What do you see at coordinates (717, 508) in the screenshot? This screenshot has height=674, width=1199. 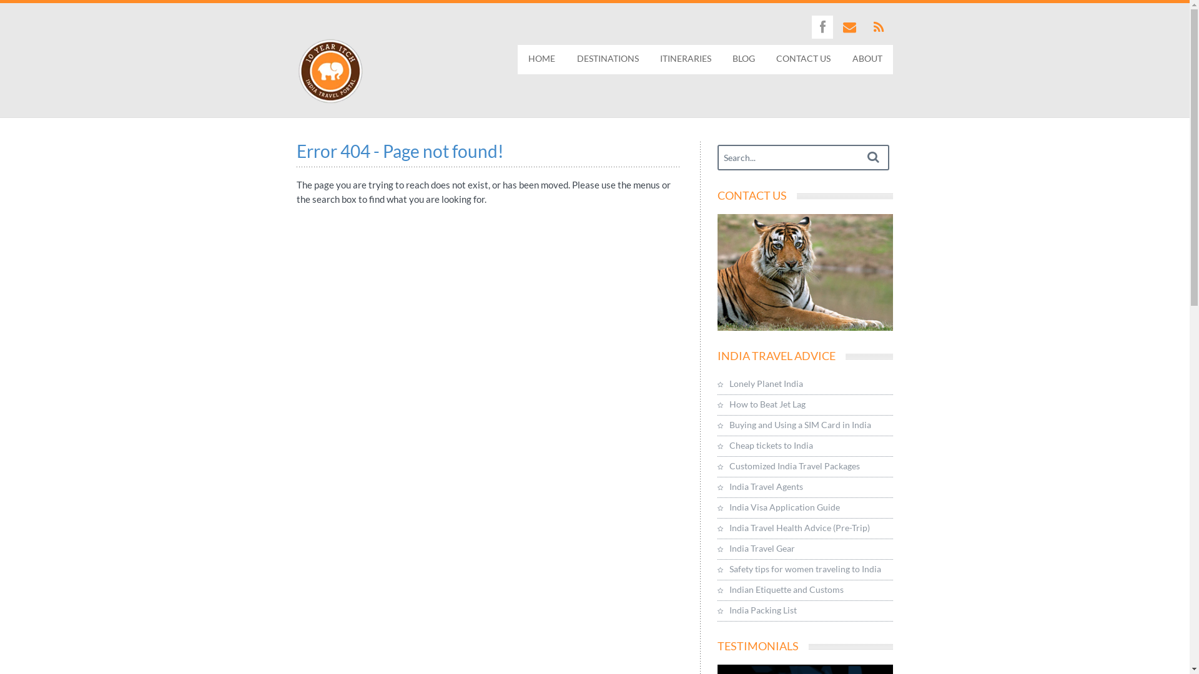 I see `'India Visa Application Guide'` at bounding box center [717, 508].